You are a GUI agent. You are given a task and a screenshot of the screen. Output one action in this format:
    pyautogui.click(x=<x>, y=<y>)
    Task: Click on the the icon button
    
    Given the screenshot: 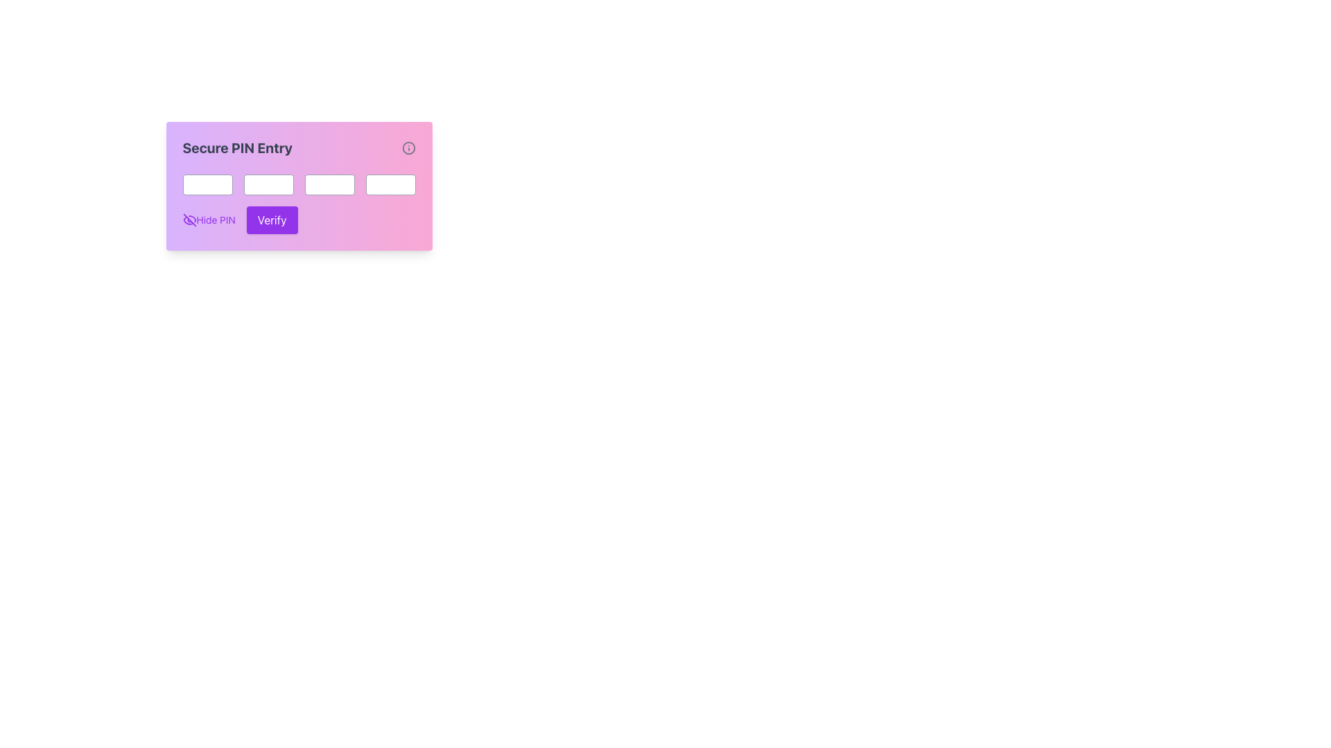 What is the action you would take?
    pyautogui.click(x=189, y=219)
    